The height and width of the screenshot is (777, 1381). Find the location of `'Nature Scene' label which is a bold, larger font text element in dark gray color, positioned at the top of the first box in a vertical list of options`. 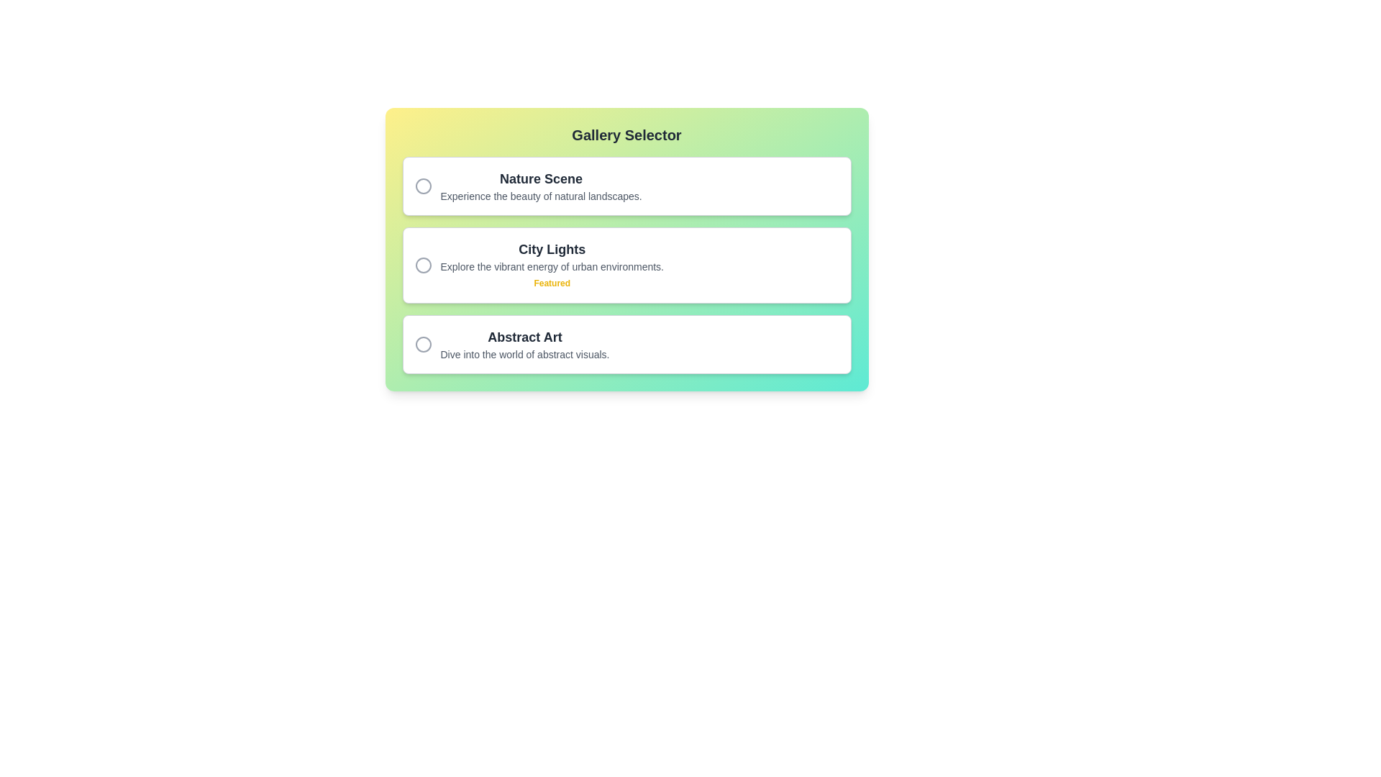

'Nature Scene' label which is a bold, larger font text element in dark gray color, positioned at the top of the first box in a vertical list of options is located at coordinates (540, 178).